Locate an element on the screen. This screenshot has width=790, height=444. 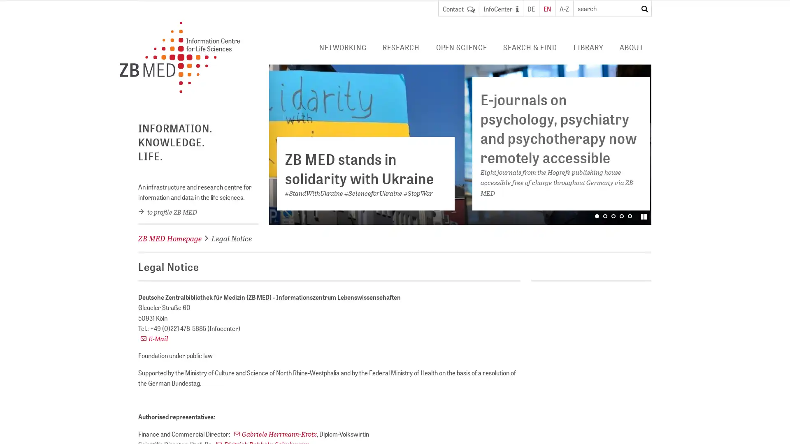
3 is located at coordinates (643, 216).